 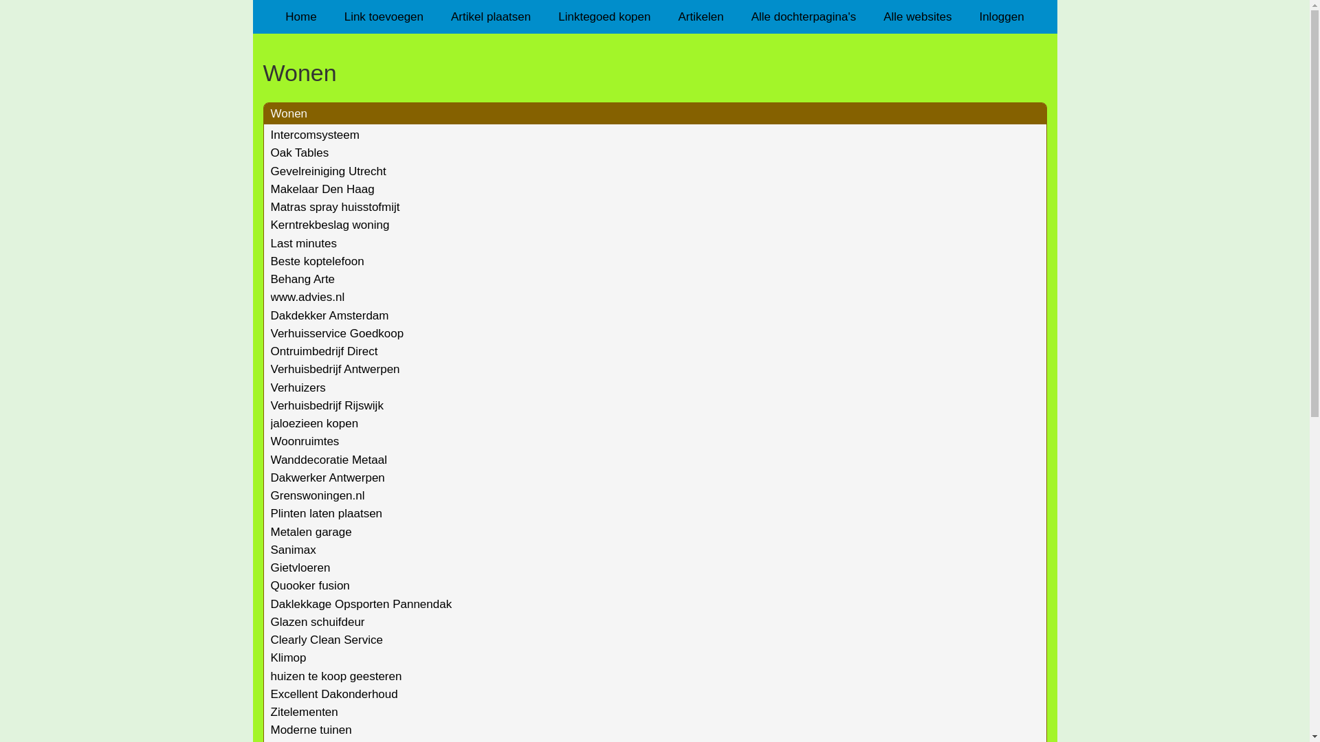 I want to click on 'Grenswoningen.nl', so click(x=317, y=495).